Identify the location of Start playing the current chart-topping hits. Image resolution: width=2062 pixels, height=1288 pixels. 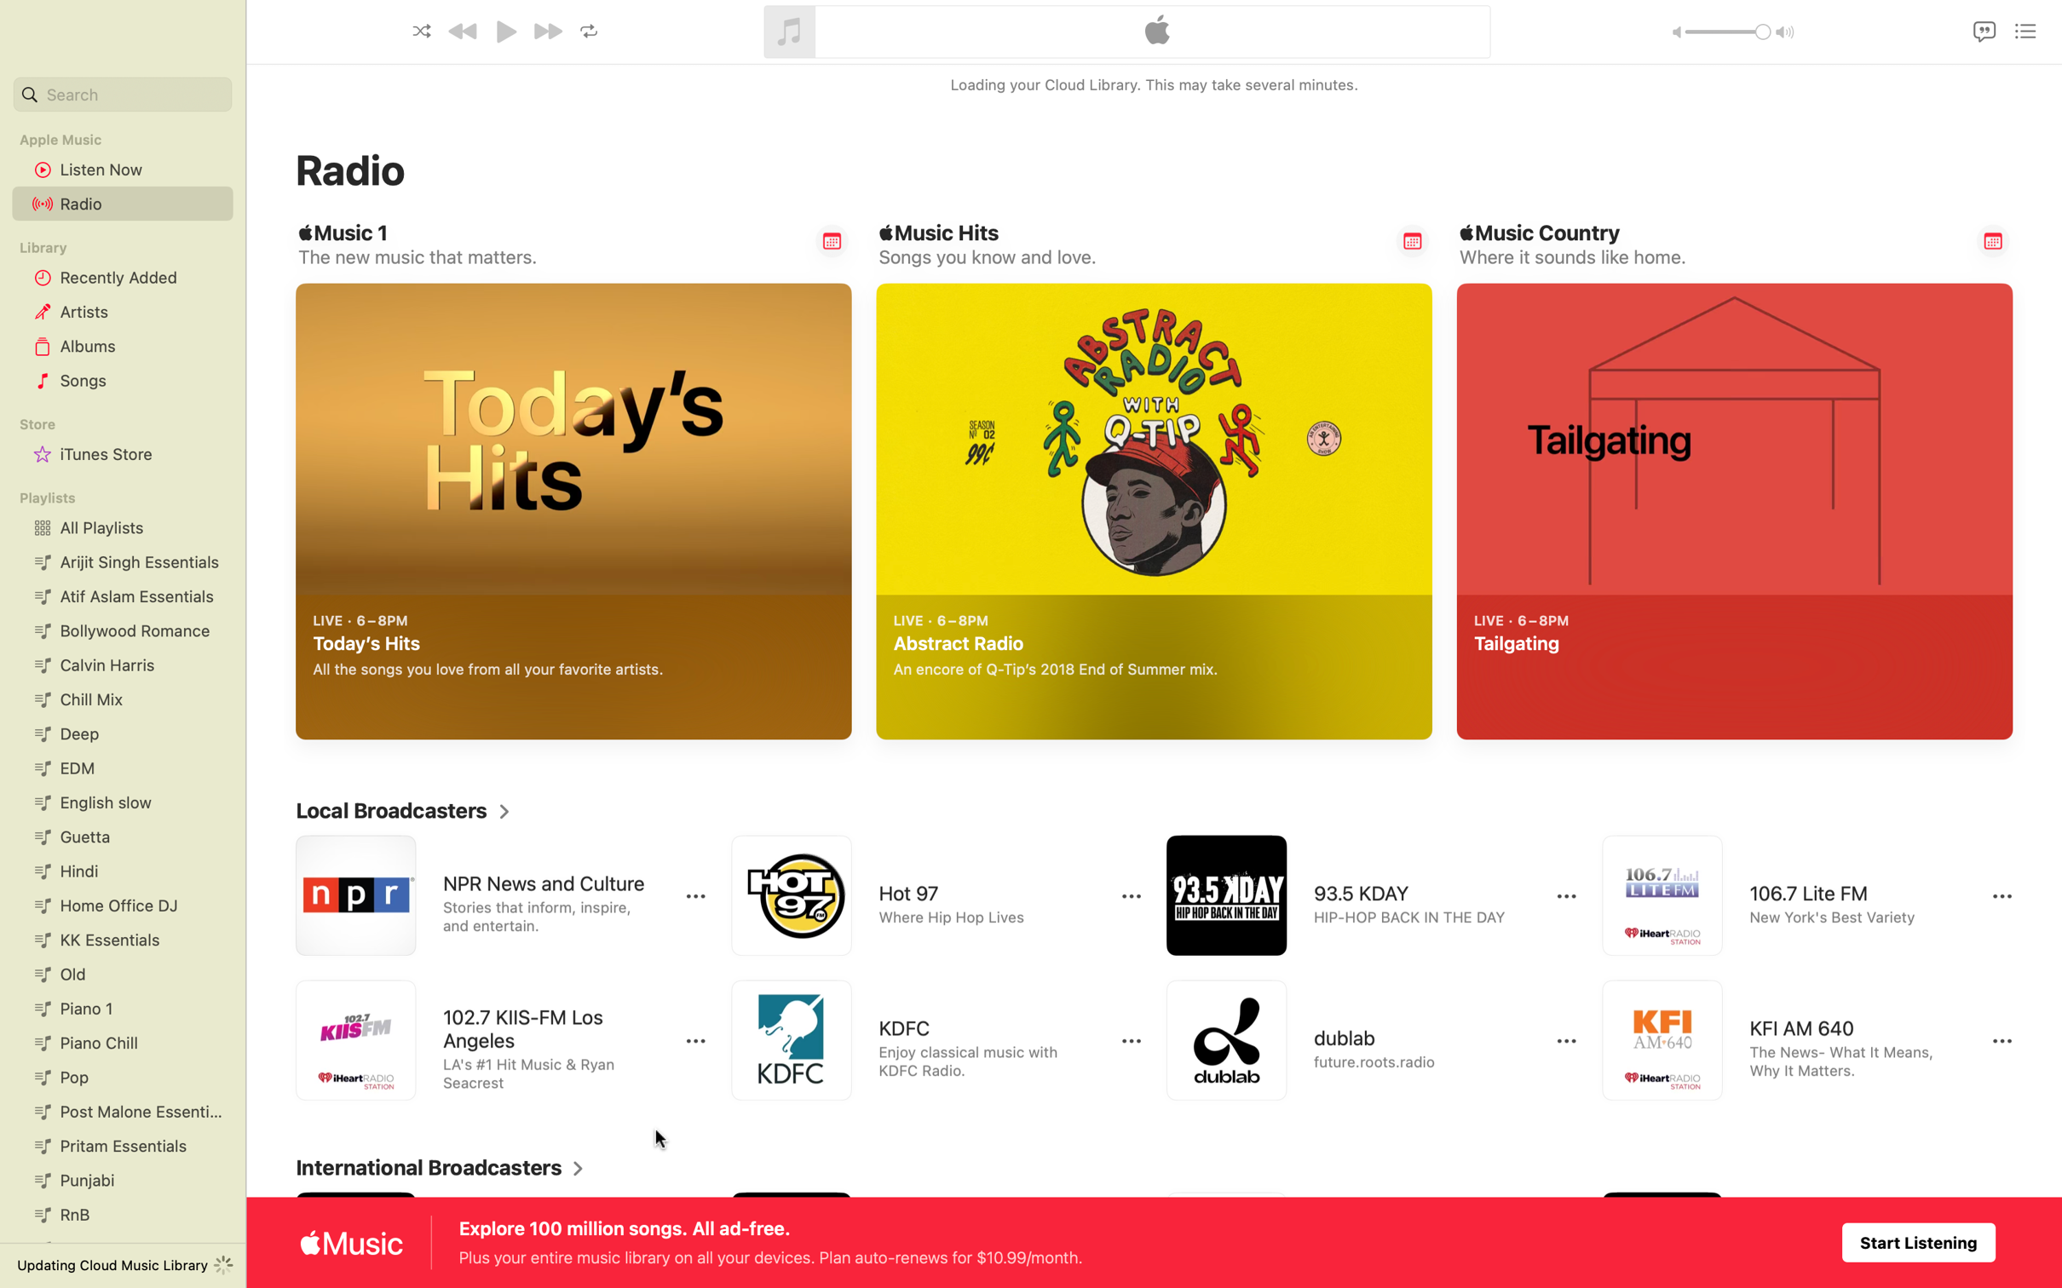
(1934156, 1073548).